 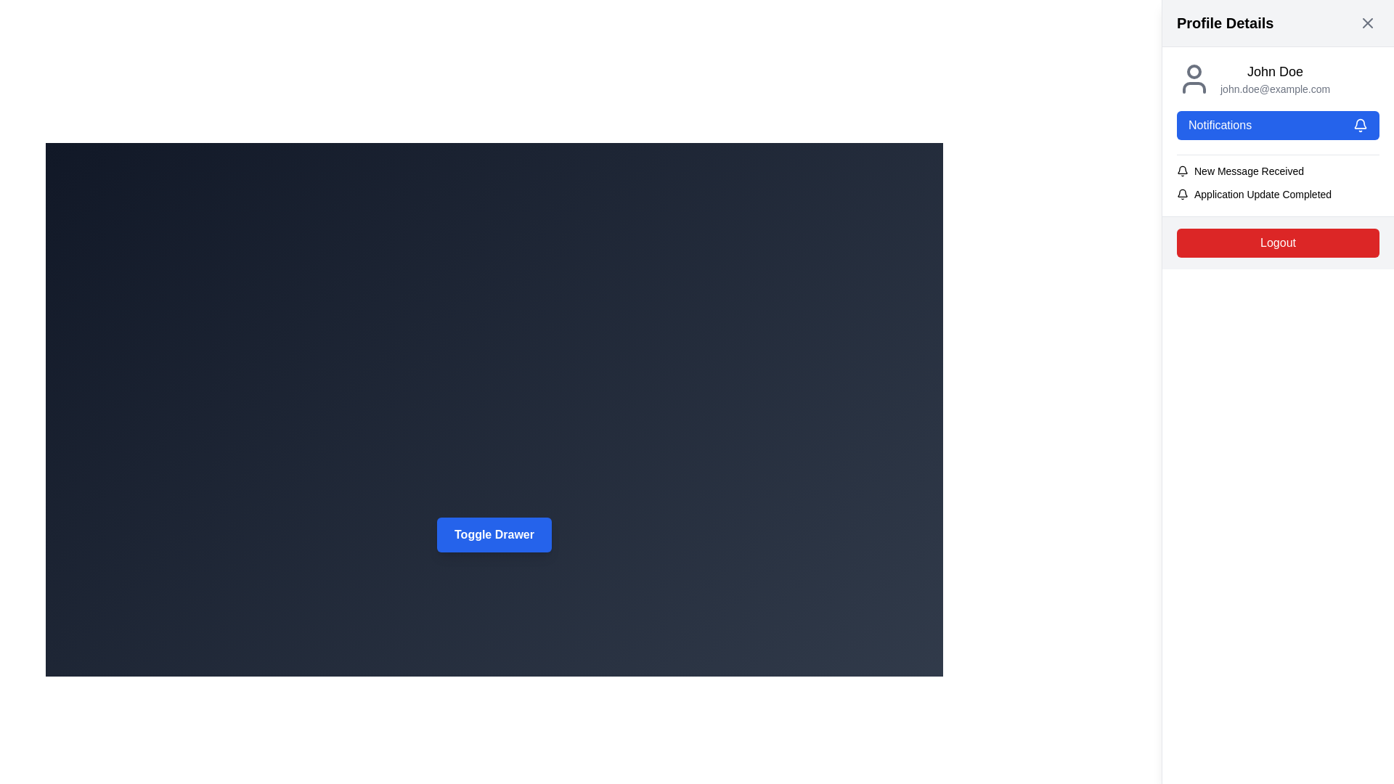 I want to click on the visual state of the bell icon located to the right of the 'Notifications' button in the 'Profile Details' pane, so click(x=1359, y=125).